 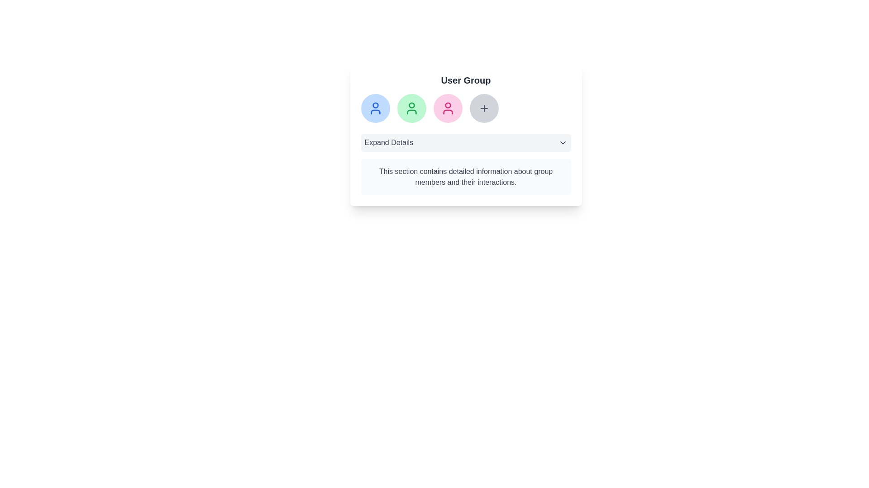 What do you see at coordinates (562, 142) in the screenshot?
I see `the arrow icon that expands or collapses additional details in the 'User Group' section` at bounding box center [562, 142].